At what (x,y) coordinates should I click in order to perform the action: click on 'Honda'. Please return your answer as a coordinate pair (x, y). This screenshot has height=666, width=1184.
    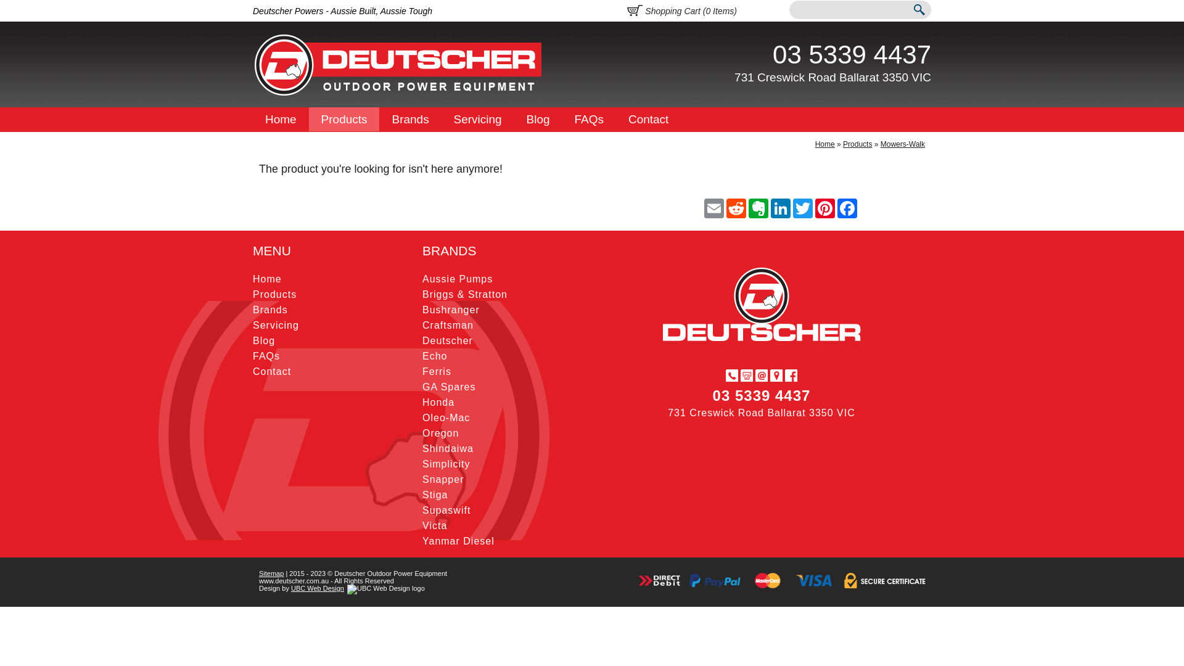
    Looking at the image, I should click on (438, 402).